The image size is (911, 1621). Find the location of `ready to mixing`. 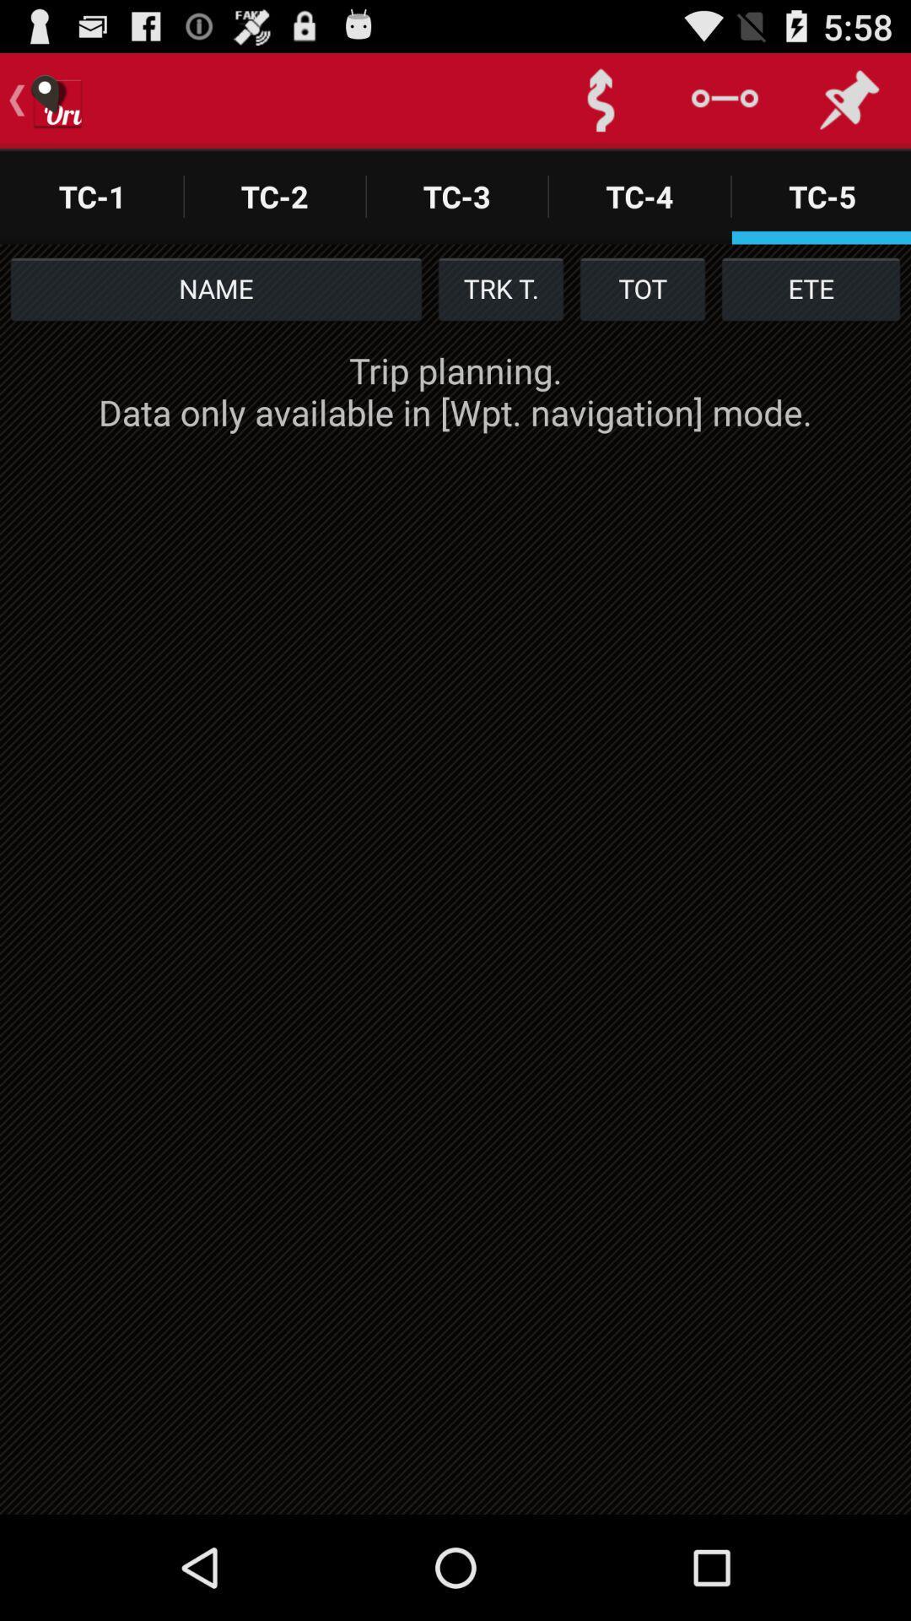

ready to mixing is located at coordinates (600, 100).